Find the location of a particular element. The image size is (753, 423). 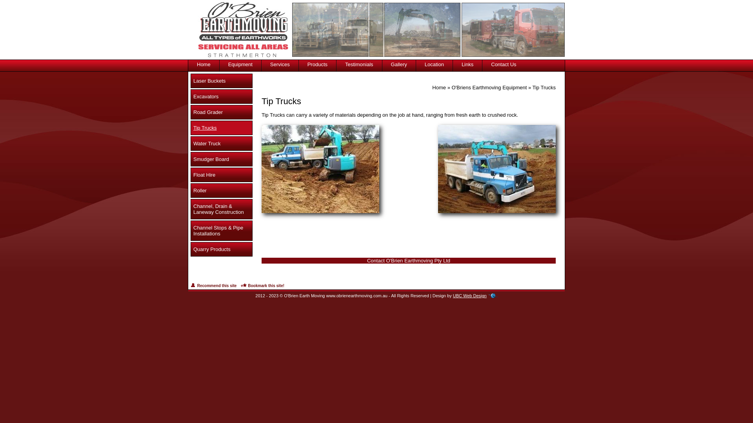

'Products' is located at coordinates (317, 61).